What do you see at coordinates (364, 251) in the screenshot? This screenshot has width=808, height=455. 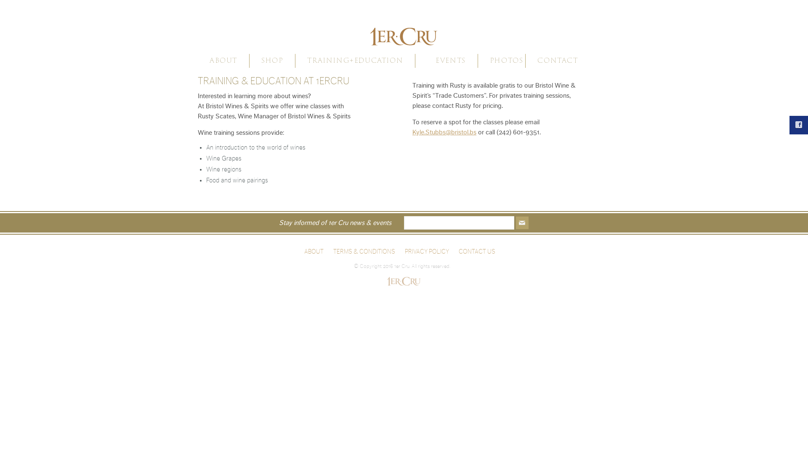 I see `'TERMS & CONDITIONS'` at bounding box center [364, 251].